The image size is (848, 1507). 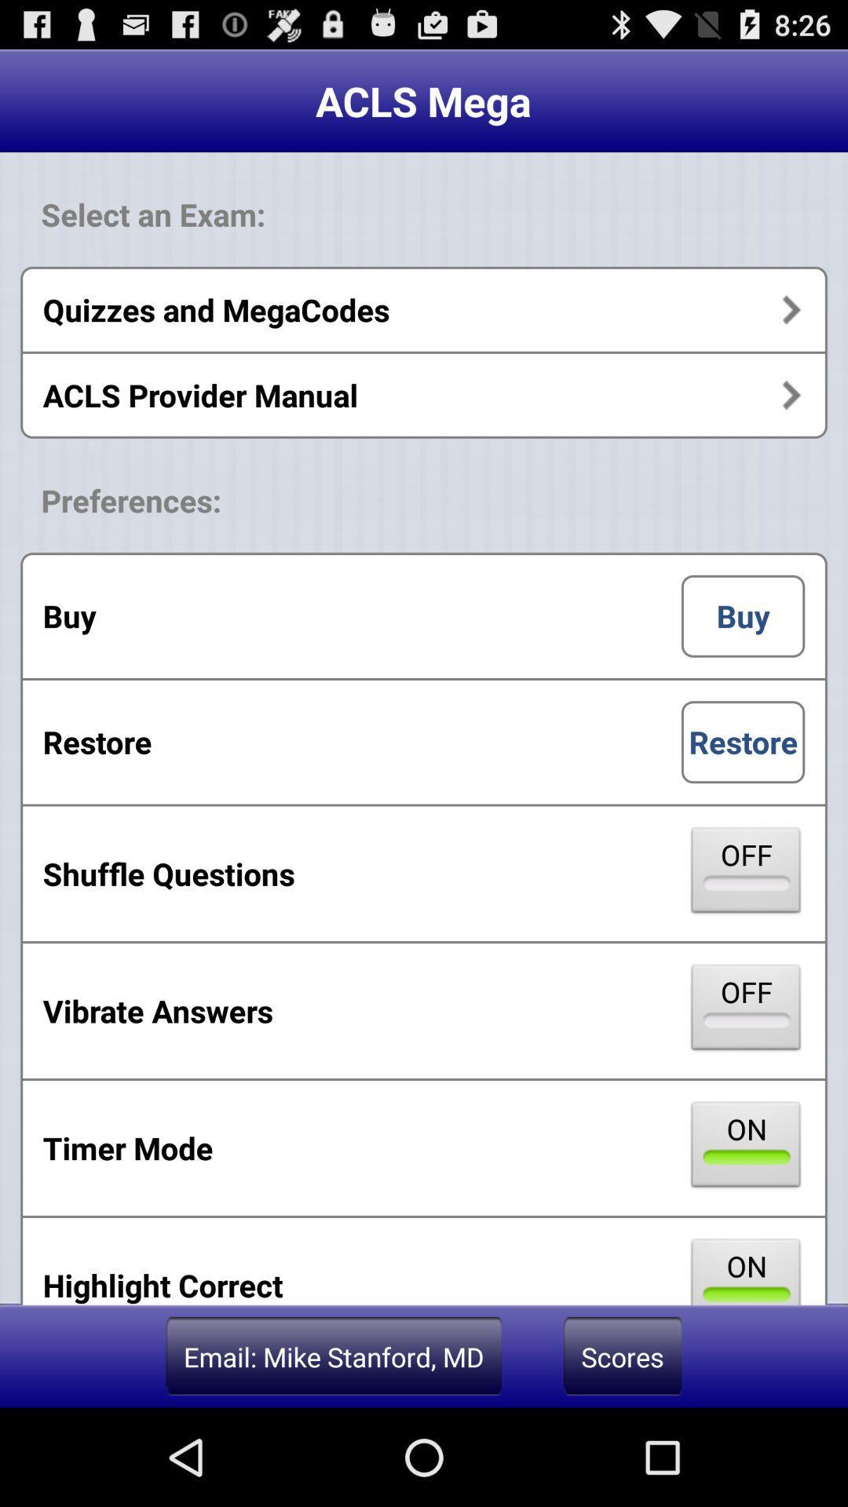 I want to click on the quizzes and megacodes, so click(x=424, y=309).